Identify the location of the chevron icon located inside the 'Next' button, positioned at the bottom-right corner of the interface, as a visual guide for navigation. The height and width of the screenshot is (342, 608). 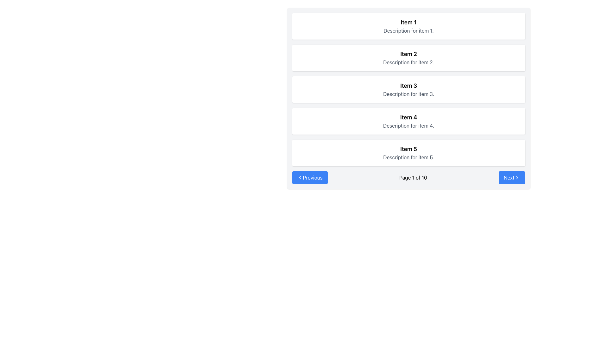
(517, 177).